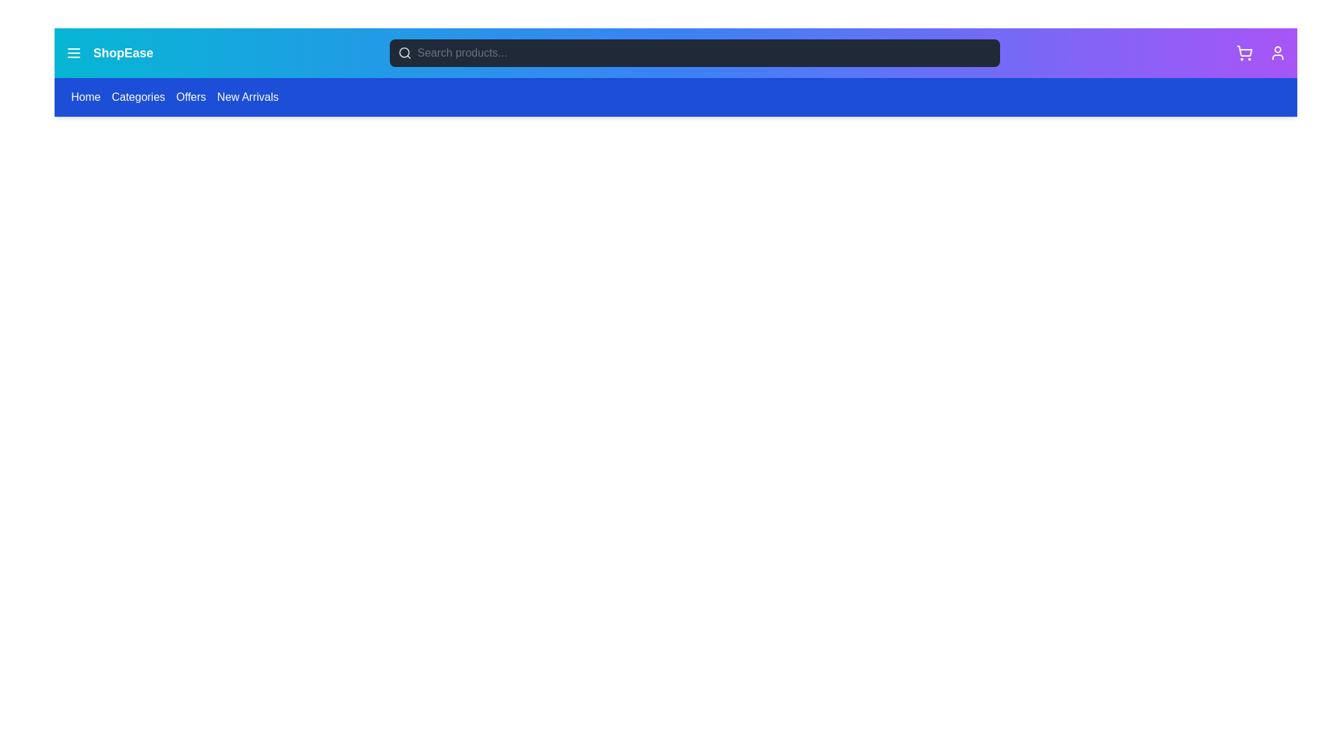 The image size is (1327, 746). What do you see at coordinates (404, 52) in the screenshot?
I see `the search feature indicator icon located to the left of the input field in the navigation bar` at bounding box center [404, 52].